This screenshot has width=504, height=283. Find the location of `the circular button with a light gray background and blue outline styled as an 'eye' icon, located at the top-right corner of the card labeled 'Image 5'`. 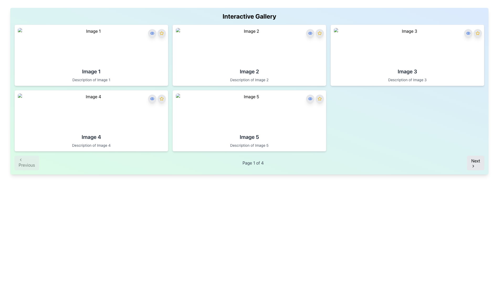

the circular button with a light gray background and blue outline styled as an 'eye' icon, located at the top-right corner of the card labeled 'Image 5' is located at coordinates (310, 99).